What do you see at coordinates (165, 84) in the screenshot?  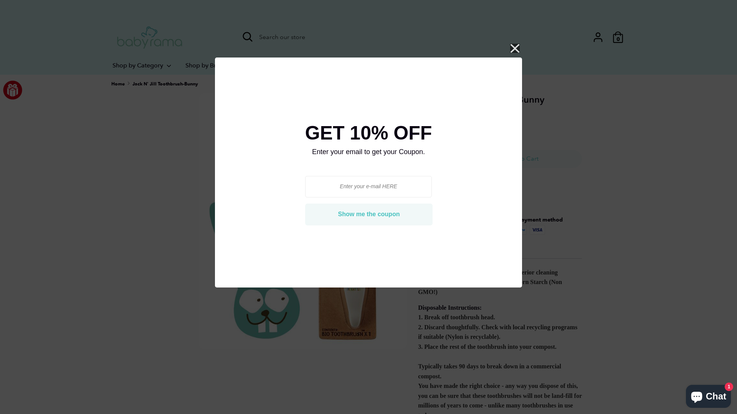 I see `'Jack N' Jill Toothbrush-Bunny'` at bounding box center [165, 84].